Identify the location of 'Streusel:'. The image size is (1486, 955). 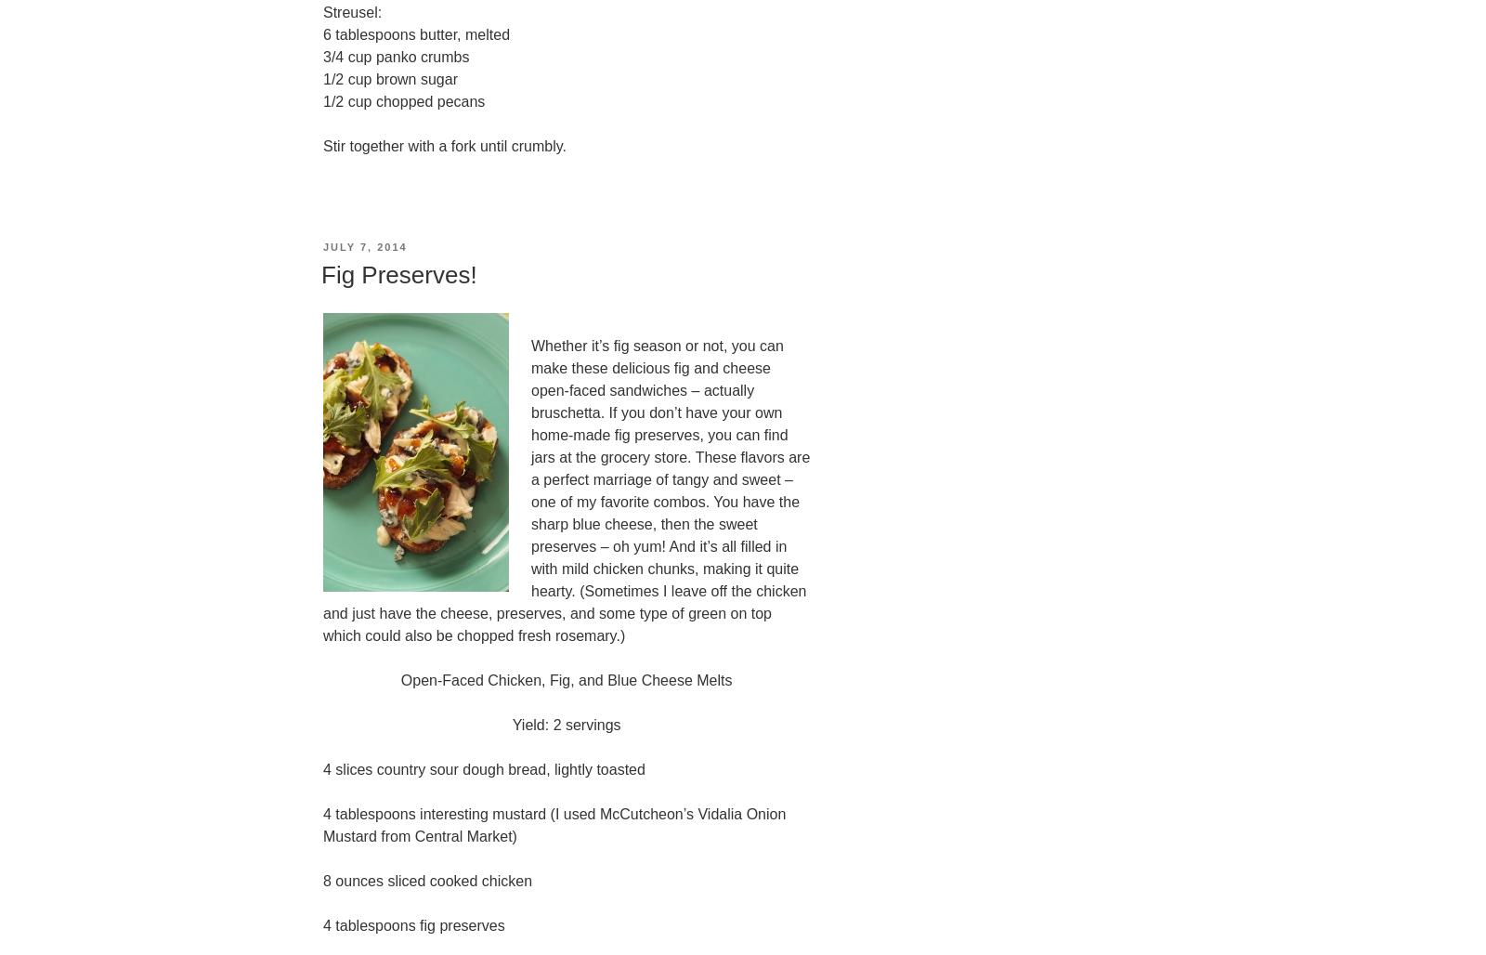
(352, 12).